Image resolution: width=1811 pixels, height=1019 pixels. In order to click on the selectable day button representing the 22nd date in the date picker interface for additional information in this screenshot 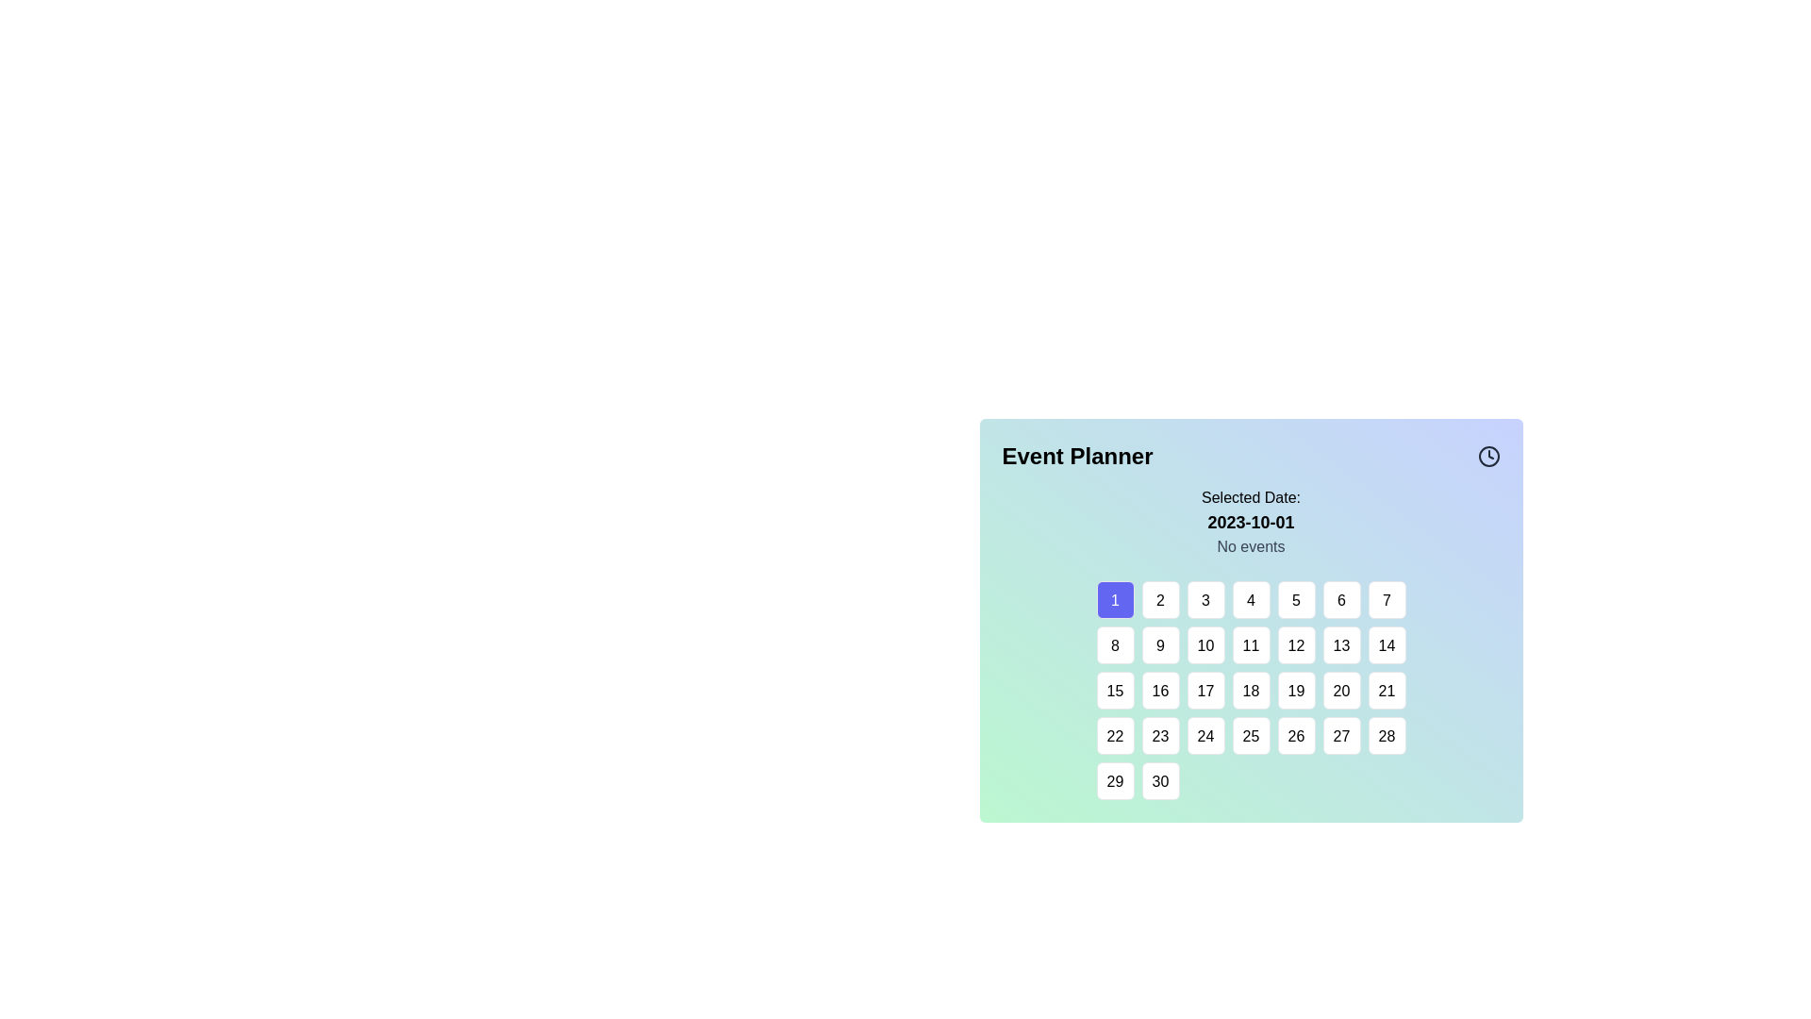, I will do `click(1115, 734)`.